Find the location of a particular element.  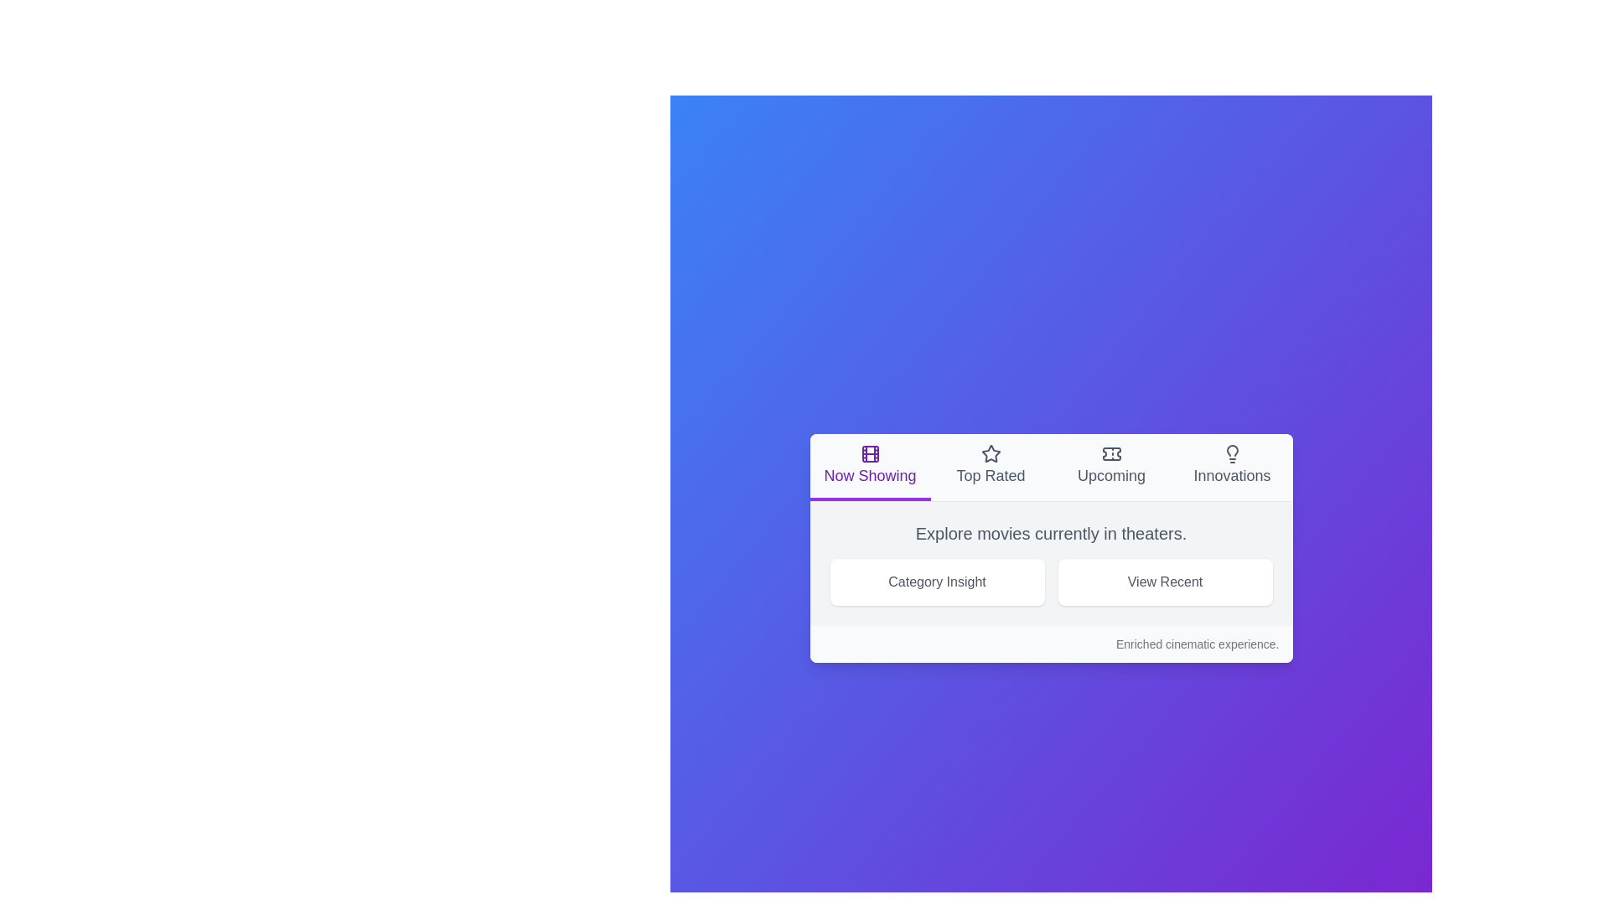

the Interactive label with the lightbulb icon and 'Innovations' text is located at coordinates (1232, 465).